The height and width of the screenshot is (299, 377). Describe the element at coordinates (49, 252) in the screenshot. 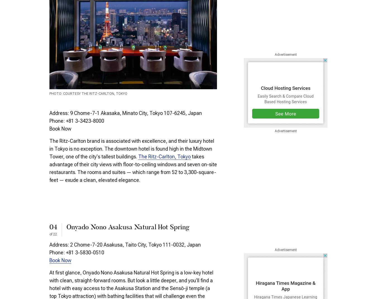

I see `'Phone: +81 3-5830-0510'` at that location.